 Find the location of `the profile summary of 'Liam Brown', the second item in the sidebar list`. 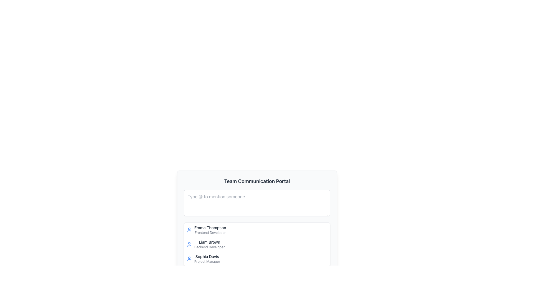

the profile summary of 'Liam Brown', the second item in the sidebar list is located at coordinates (209, 244).